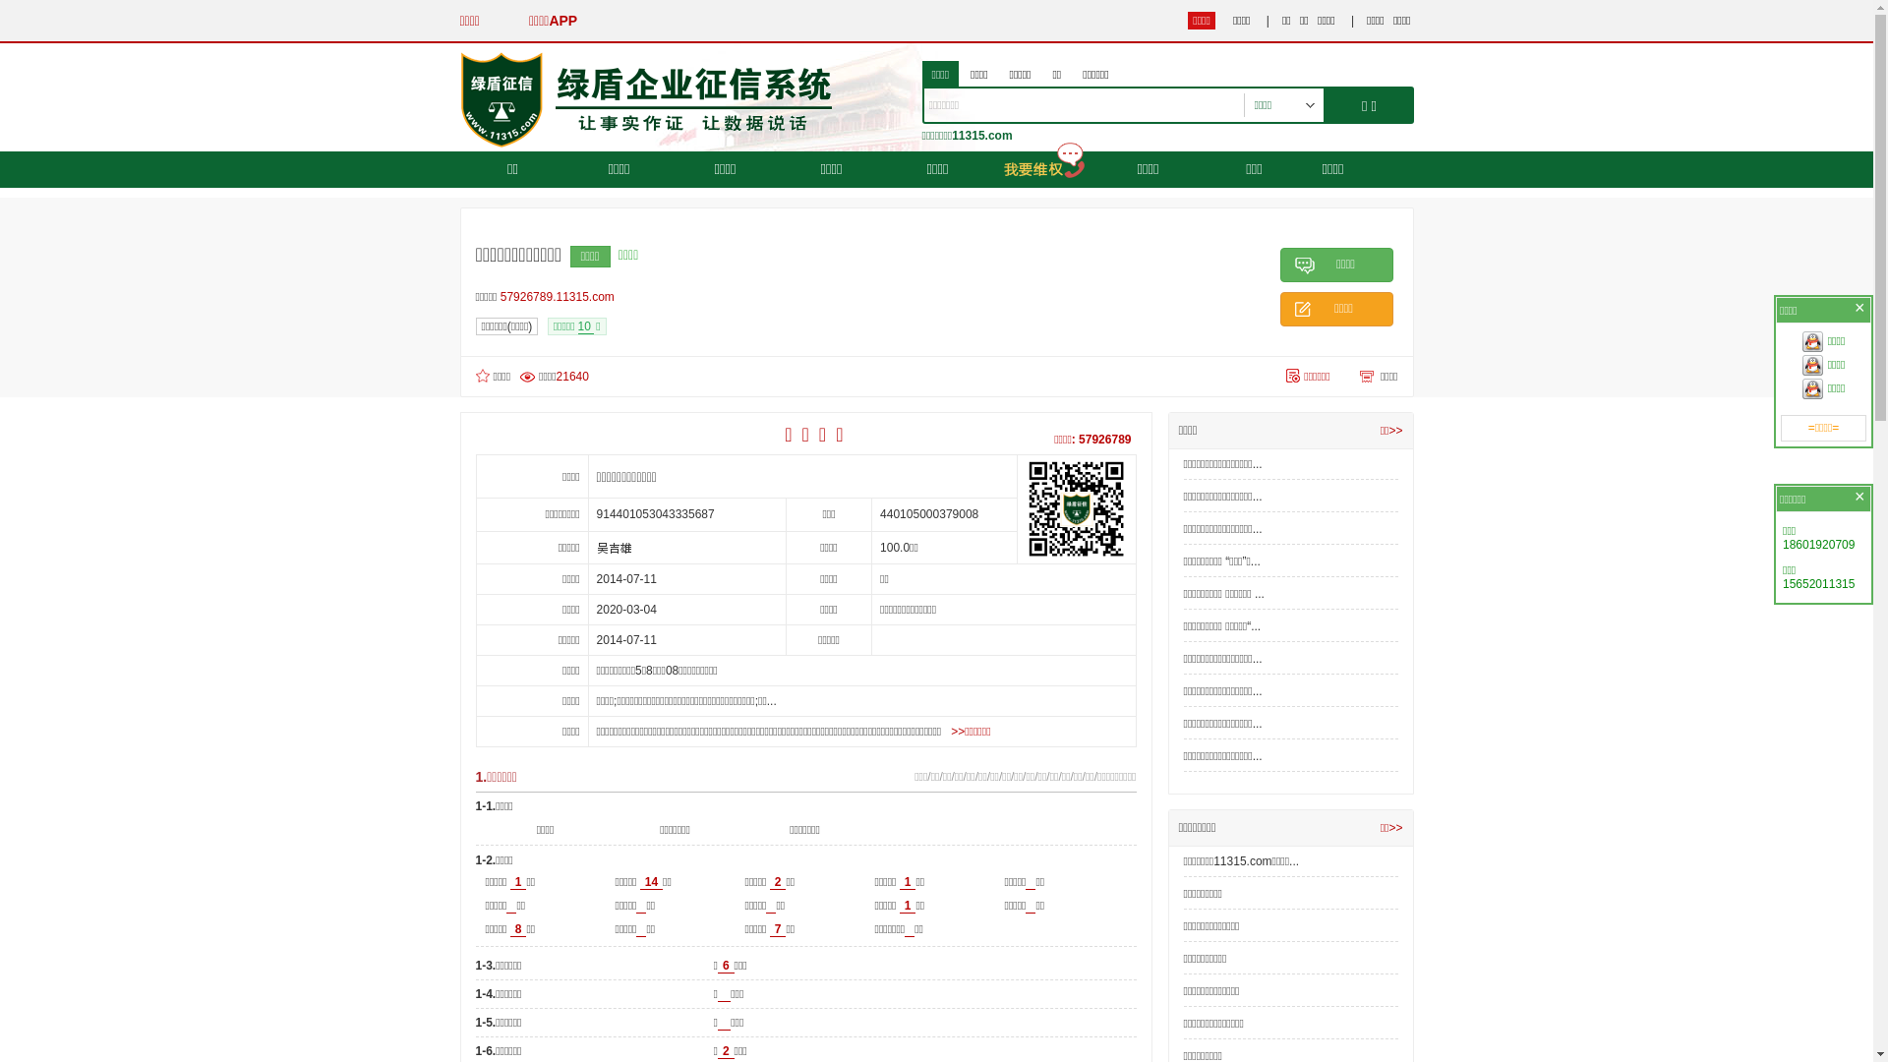 The image size is (1888, 1062). I want to click on '1', so click(907, 881).